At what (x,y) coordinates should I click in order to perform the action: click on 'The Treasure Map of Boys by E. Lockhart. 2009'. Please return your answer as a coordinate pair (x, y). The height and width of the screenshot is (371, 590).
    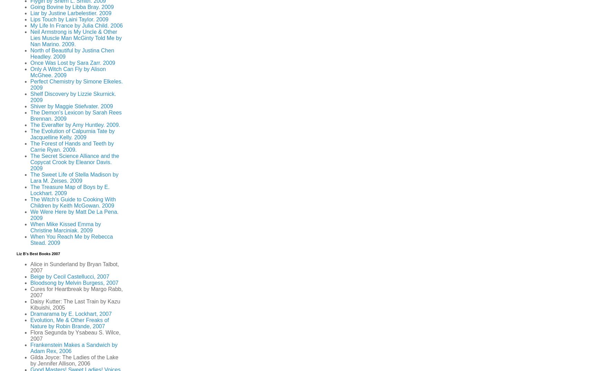
    Looking at the image, I should click on (69, 190).